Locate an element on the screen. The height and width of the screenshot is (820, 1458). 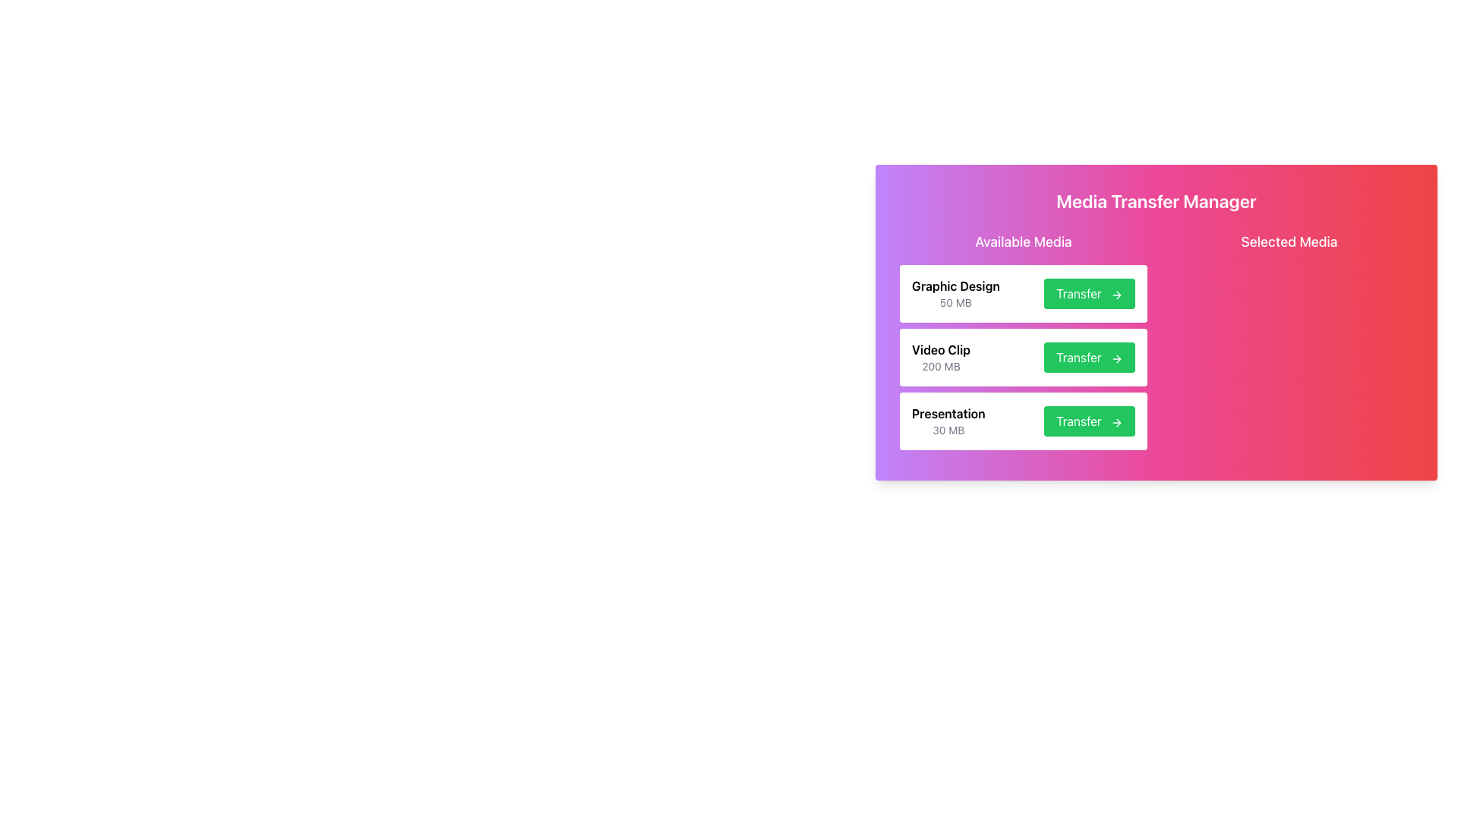
the second text label in the 'Available Media' section that presents information about a media file, specifically its name and size is located at coordinates (940, 357).